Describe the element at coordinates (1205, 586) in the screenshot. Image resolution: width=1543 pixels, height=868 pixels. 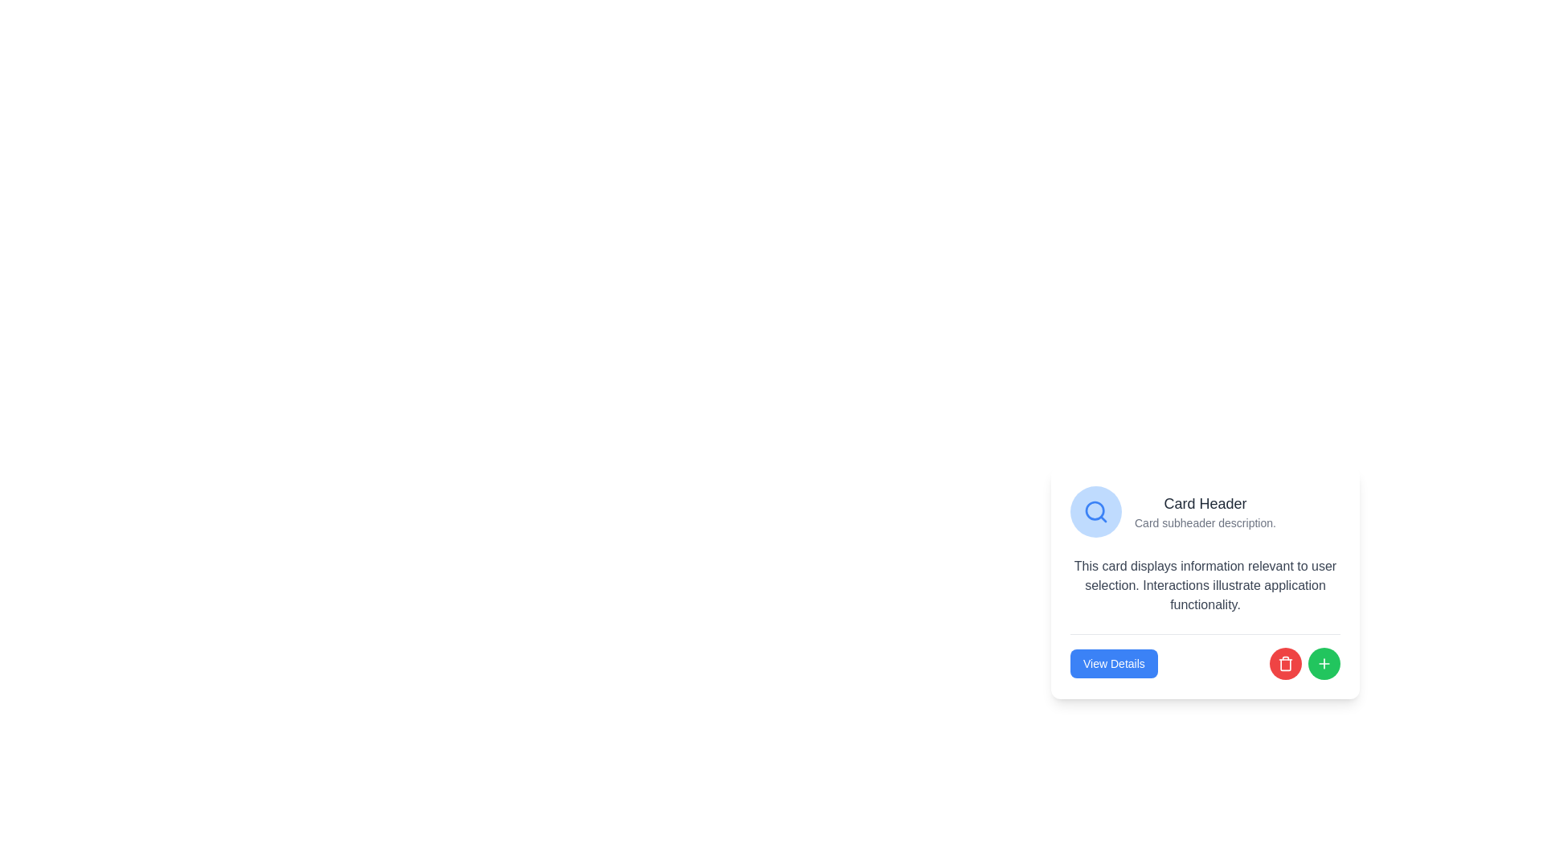
I see `gray text block that displays information relevant to user selection, located centrally within the card layout below the header and above the buttons` at that location.